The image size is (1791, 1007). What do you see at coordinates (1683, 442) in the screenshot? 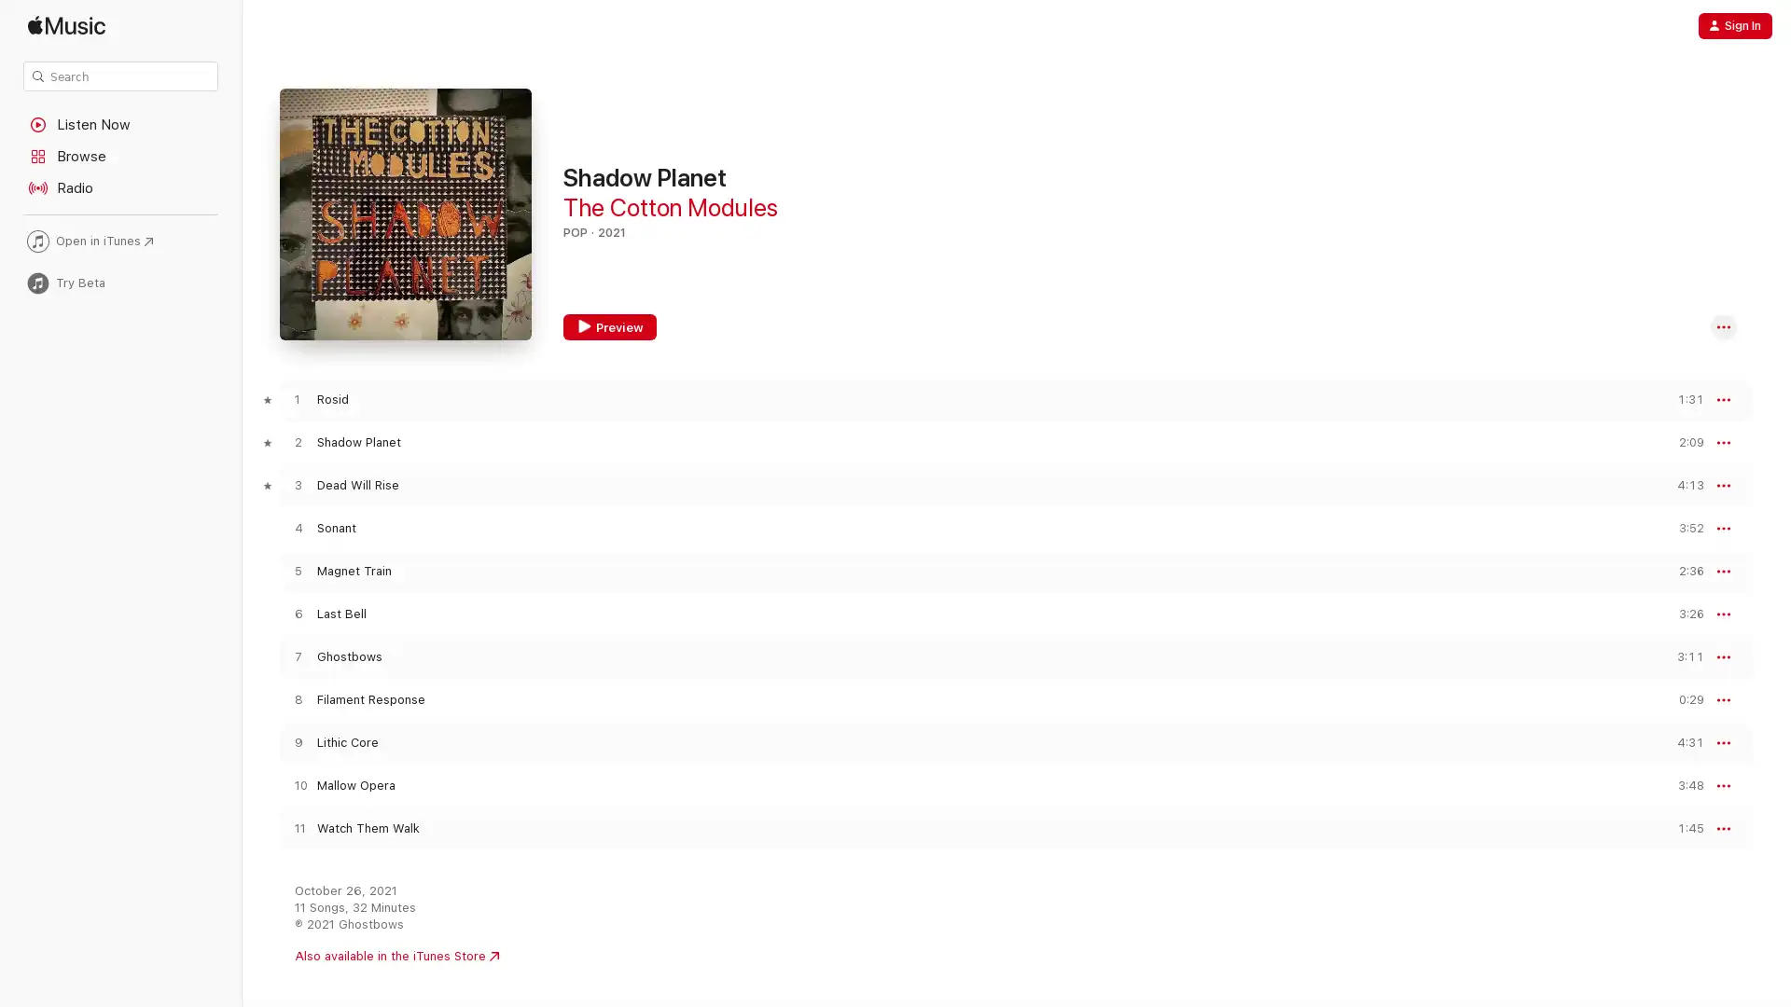
I see `Preview` at bounding box center [1683, 442].